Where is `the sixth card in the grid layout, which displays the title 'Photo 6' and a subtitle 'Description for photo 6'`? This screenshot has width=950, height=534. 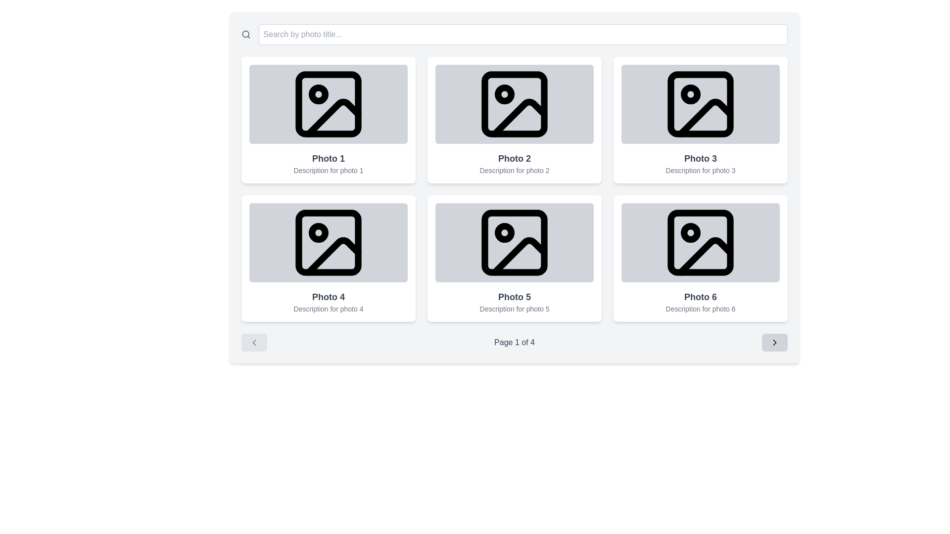
the sixth card in the grid layout, which displays the title 'Photo 6' and a subtitle 'Description for photo 6' is located at coordinates (700, 258).